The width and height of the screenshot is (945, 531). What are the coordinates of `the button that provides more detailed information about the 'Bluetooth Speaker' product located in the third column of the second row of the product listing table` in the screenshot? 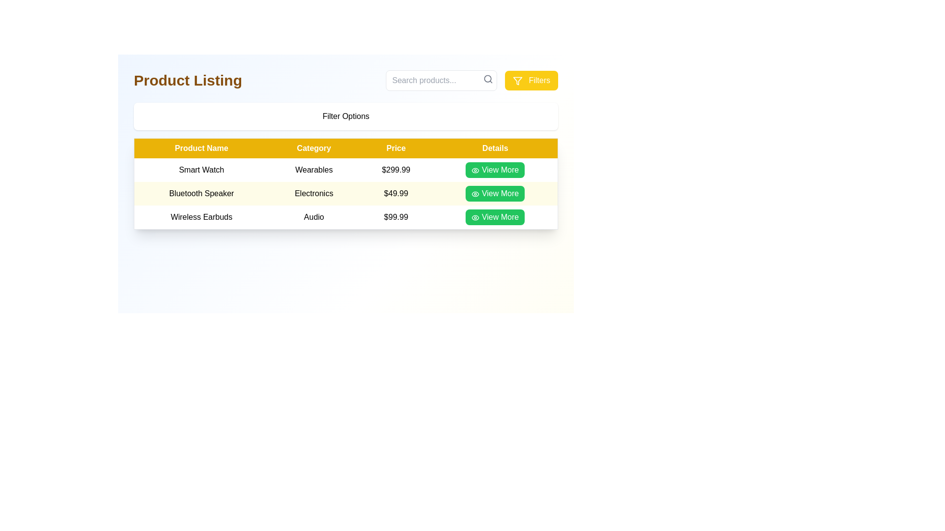 It's located at (495, 193).